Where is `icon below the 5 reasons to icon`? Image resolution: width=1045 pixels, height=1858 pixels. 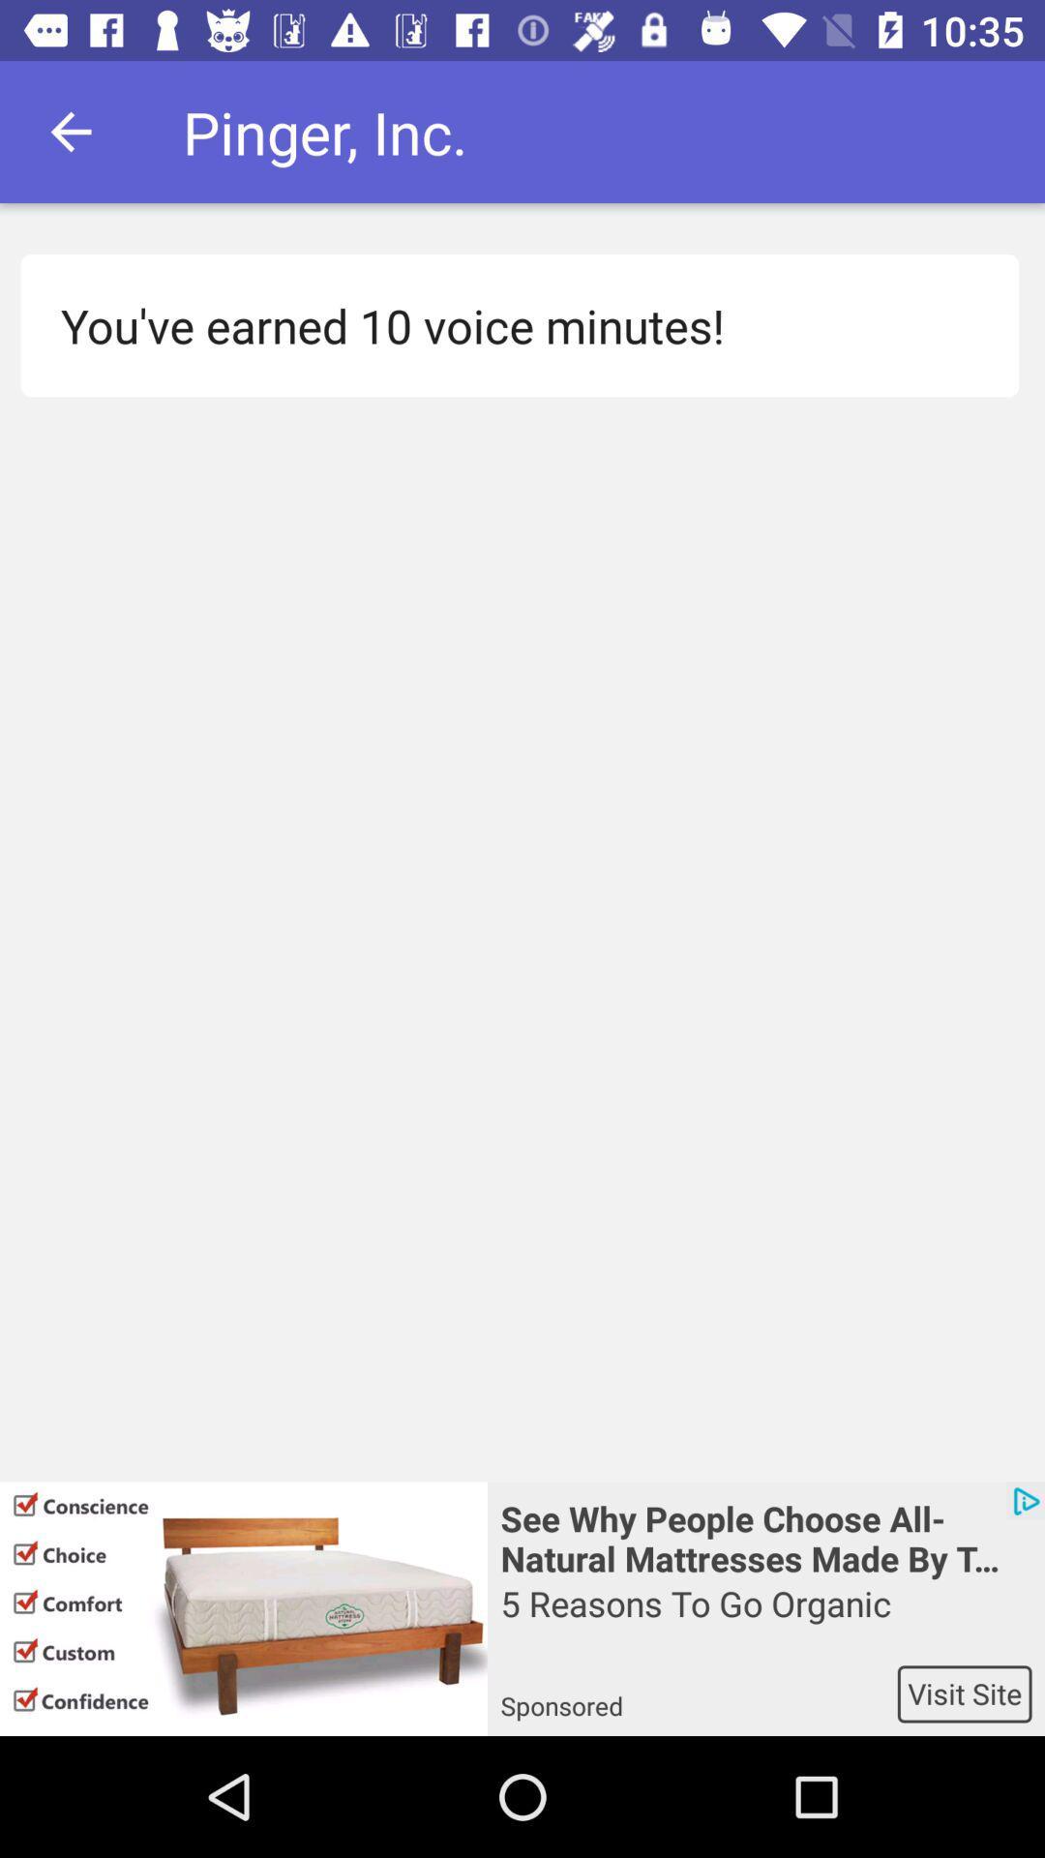 icon below the 5 reasons to icon is located at coordinates (965, 1693).